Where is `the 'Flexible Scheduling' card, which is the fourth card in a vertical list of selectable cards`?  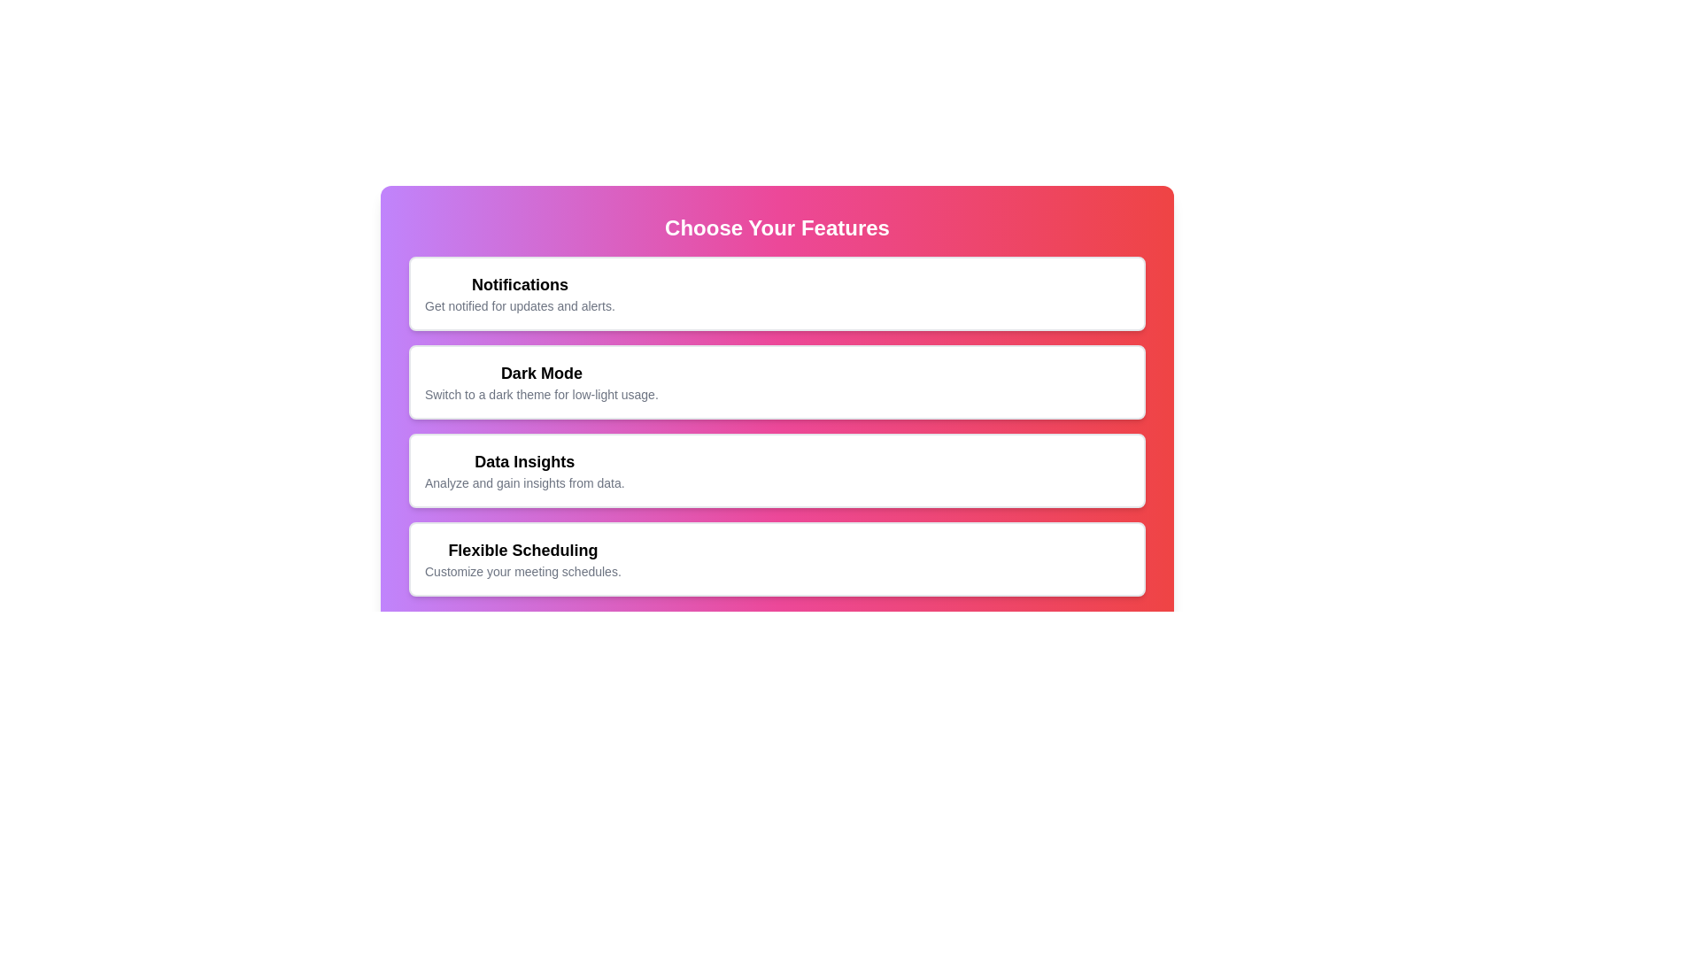
the 'Flexible Scheduling' card, which is the fourth card in a vertical list of selectable cards is located at coordinates (777, 559).